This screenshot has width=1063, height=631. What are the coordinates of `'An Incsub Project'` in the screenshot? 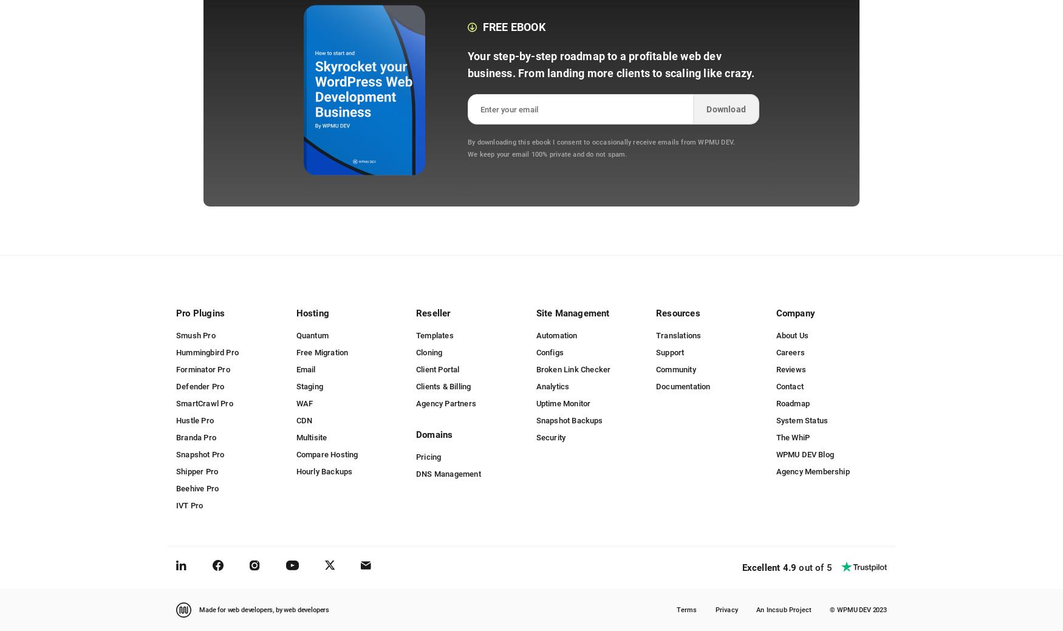 It's located at (783, 609).